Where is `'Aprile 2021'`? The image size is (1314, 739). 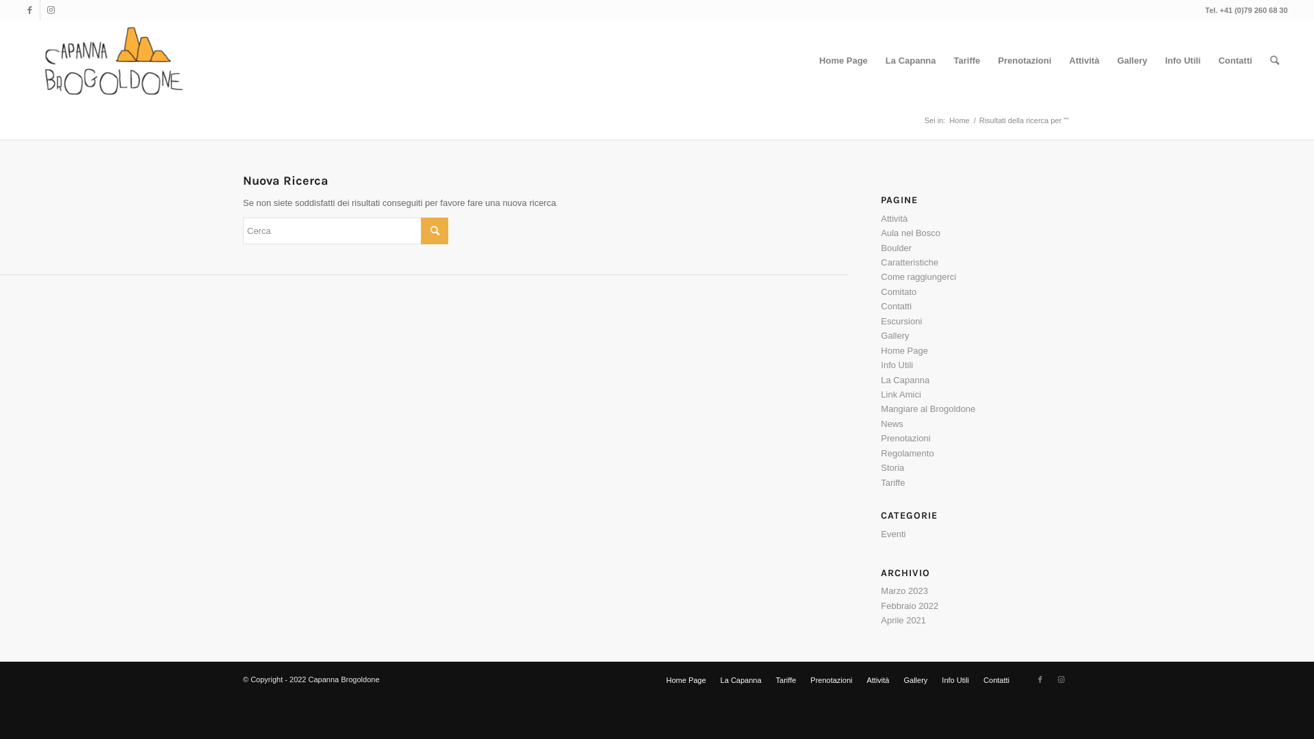
'Aprile 2021' is located at coordinates (903, 620).